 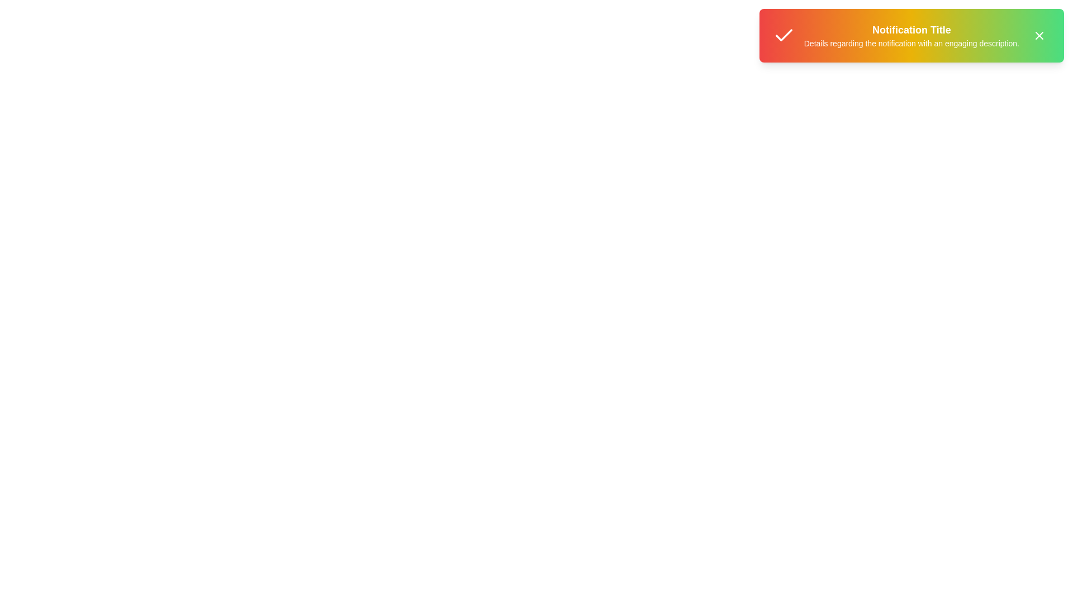 I want to click on the close button of the snackbar to dismiss it, so click(x=1039, y=35).